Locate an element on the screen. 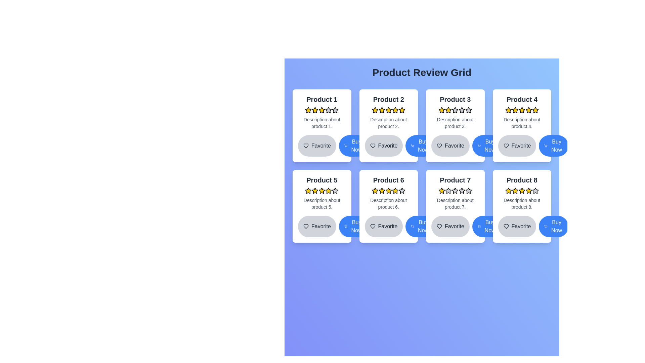  the first rating star for 'Product 3' to associate it with the product's overall rating is located at coordinates (442, 110).